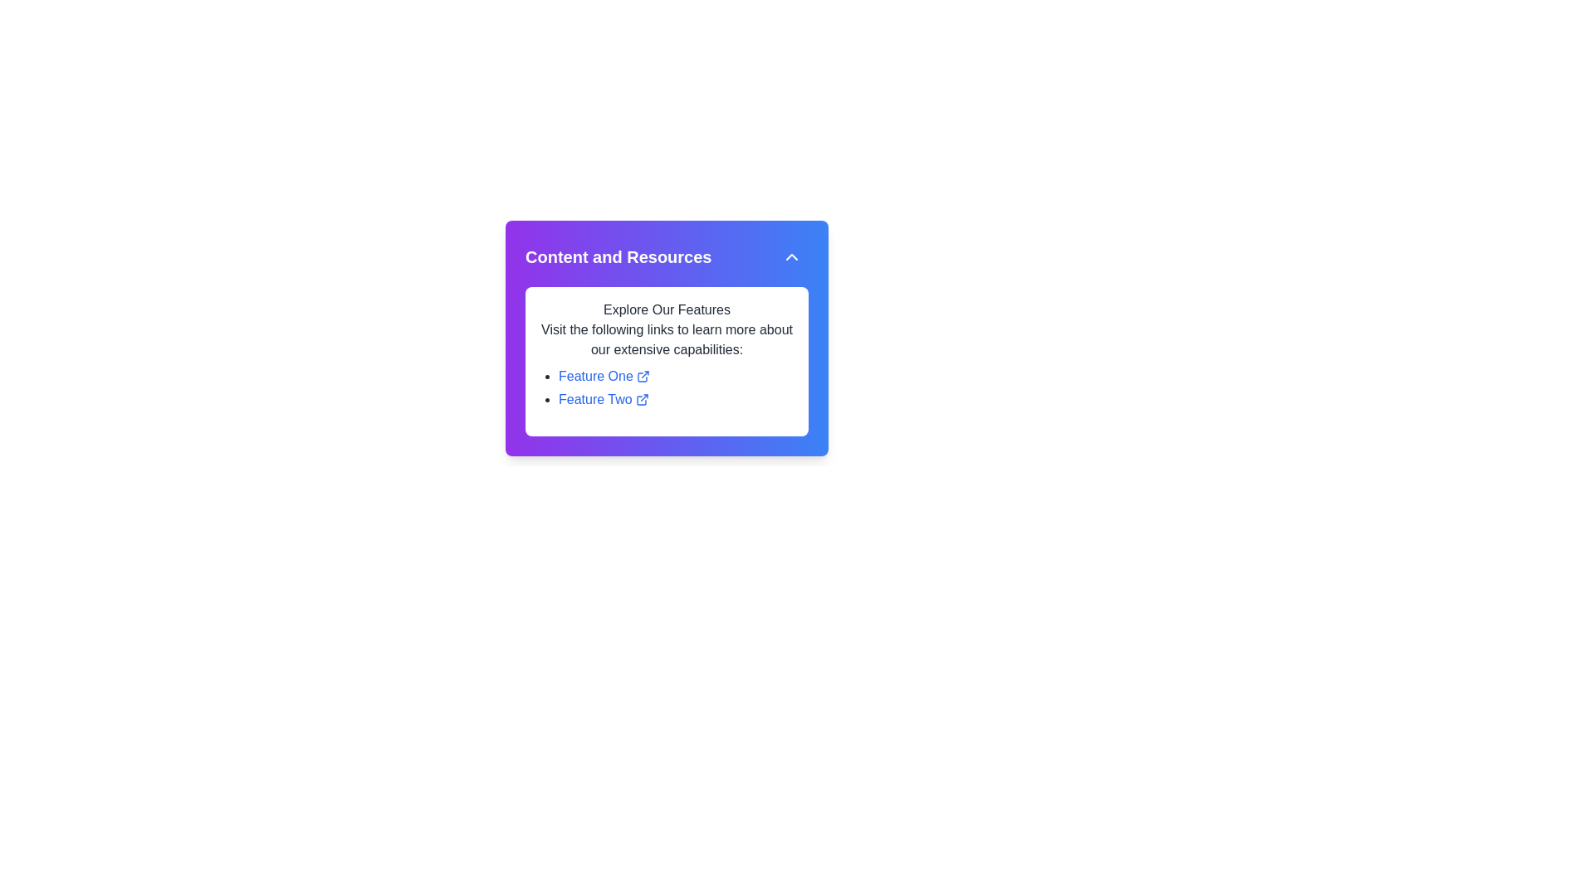 Image resolution: width=1594 pixels, height=896 pixels. Describe the element at coordinates (641, 400) in the screenshot. I see `the small external link icon with a blue outline indicating an external hyperlink, associated with the 'Feature Two' text in the 'Content and Resources' section` at that location.